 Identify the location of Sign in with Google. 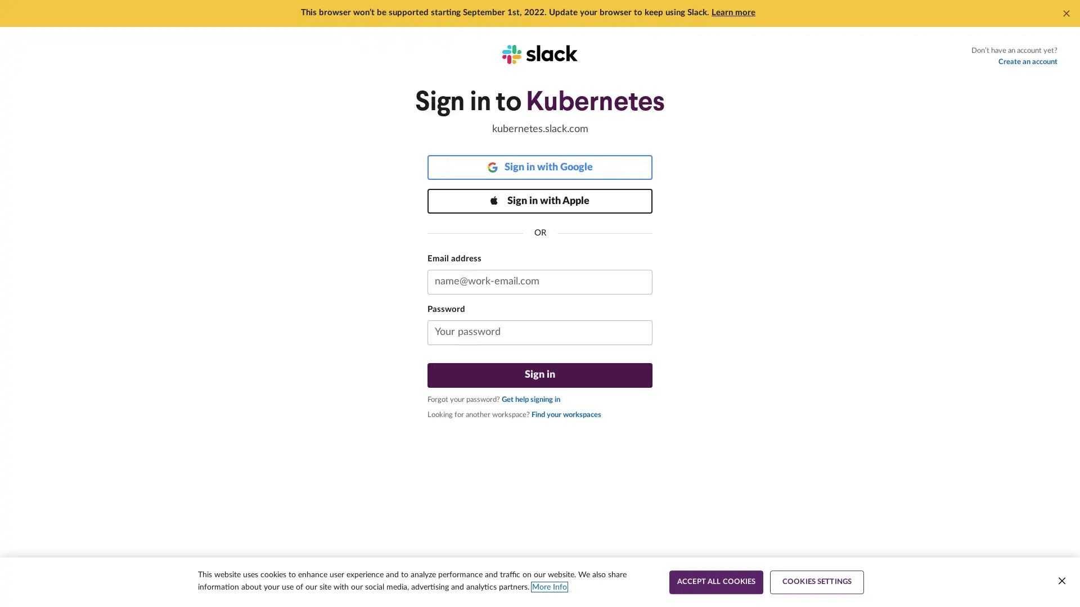
(540, 167).